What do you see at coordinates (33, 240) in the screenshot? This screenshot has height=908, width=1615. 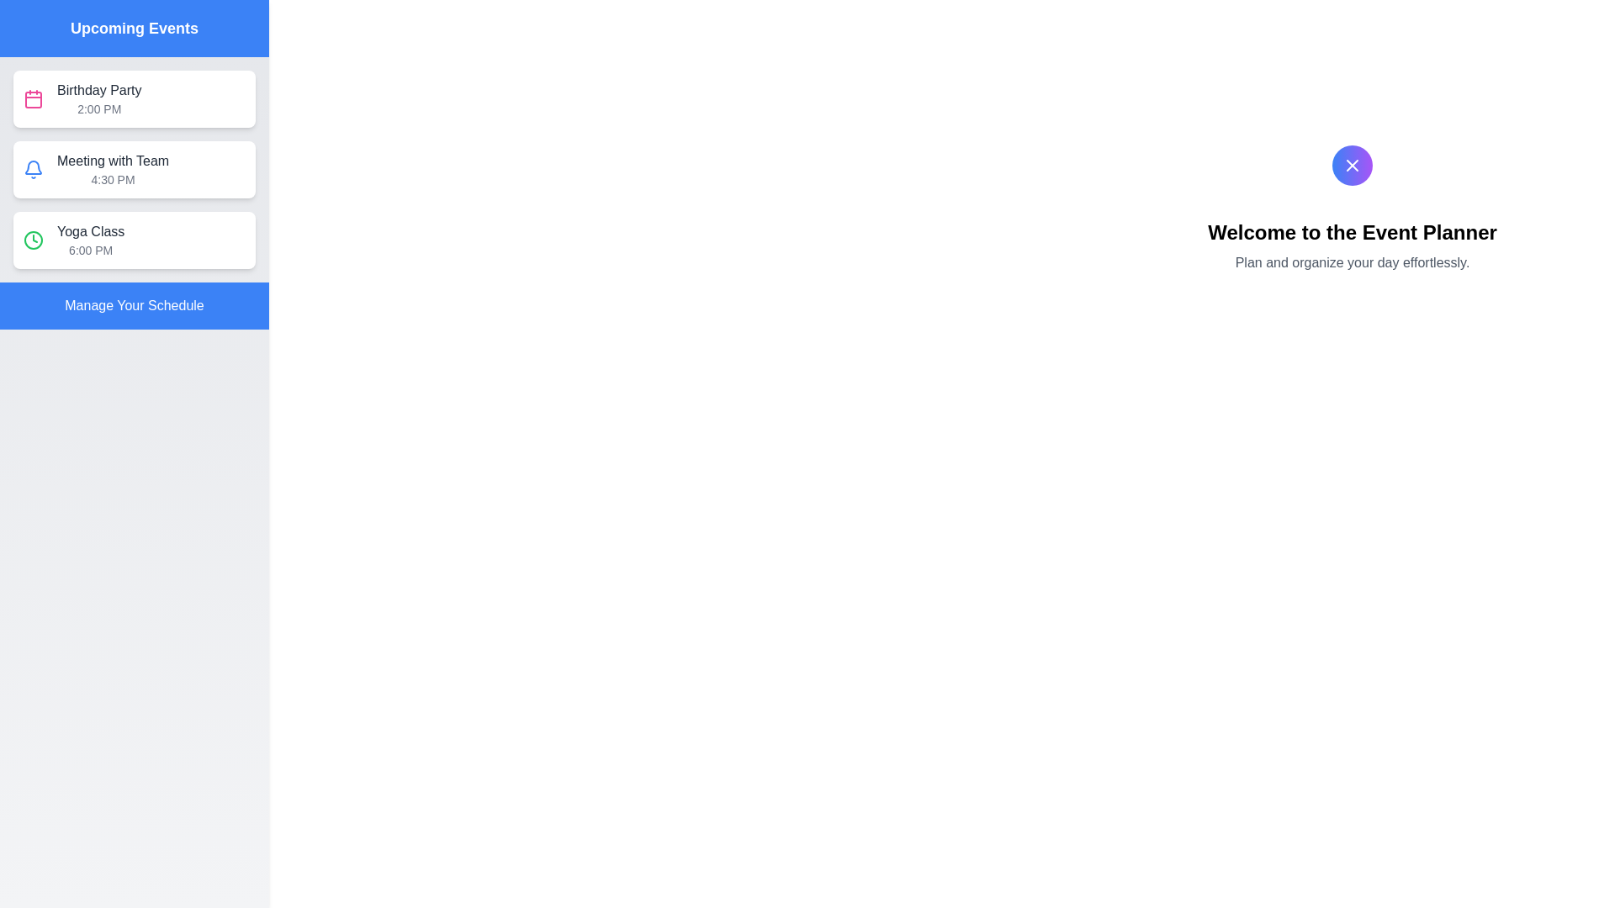 I see `the circular SVG element styled as a clock icon with a green outline, located to the left of the 'Yoga Class' event entry in the upcoming events list` at bounding box center [33, 240].